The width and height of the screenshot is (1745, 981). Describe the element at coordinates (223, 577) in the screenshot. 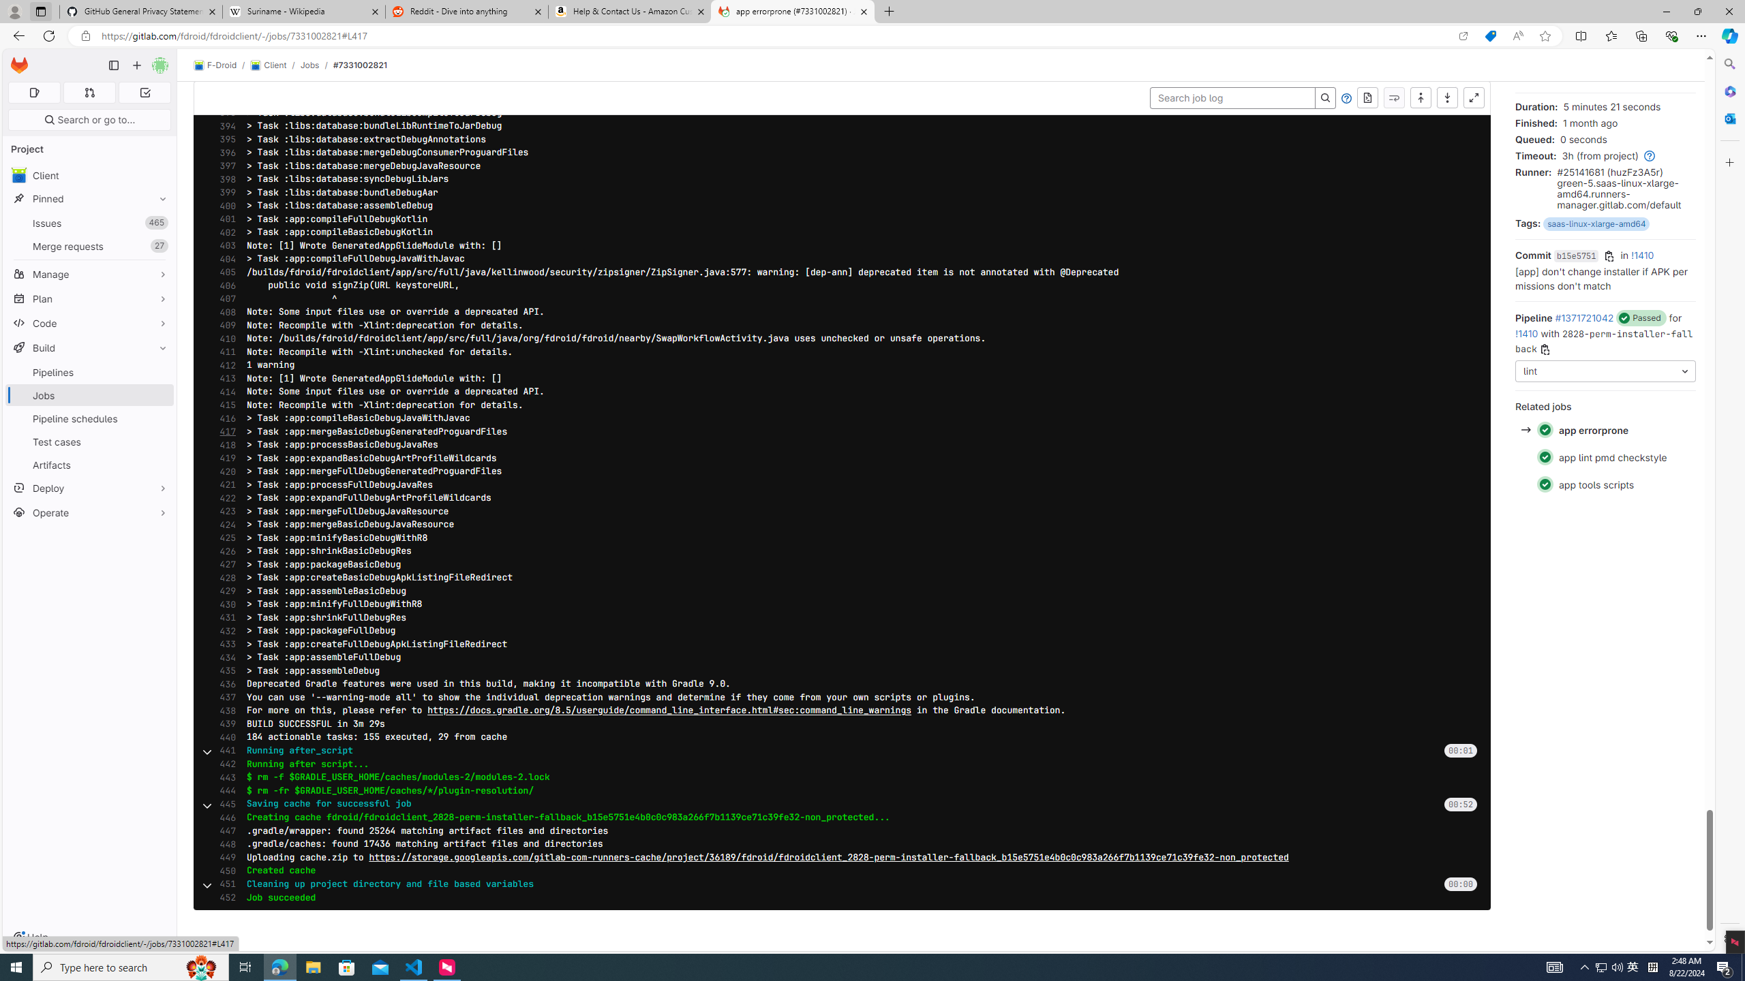

I see `'428'` at that location.